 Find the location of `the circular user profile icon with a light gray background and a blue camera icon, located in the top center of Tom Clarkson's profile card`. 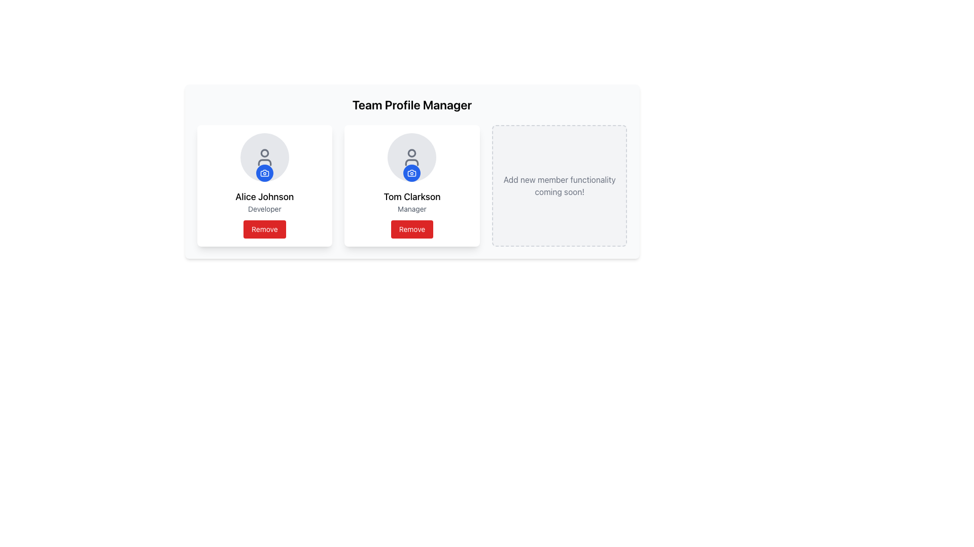

the circular user profile icon with a light gray background and a blue camera icon, located in the top center of Tom Clarkson's profile card is located at coordinates (412, 158).